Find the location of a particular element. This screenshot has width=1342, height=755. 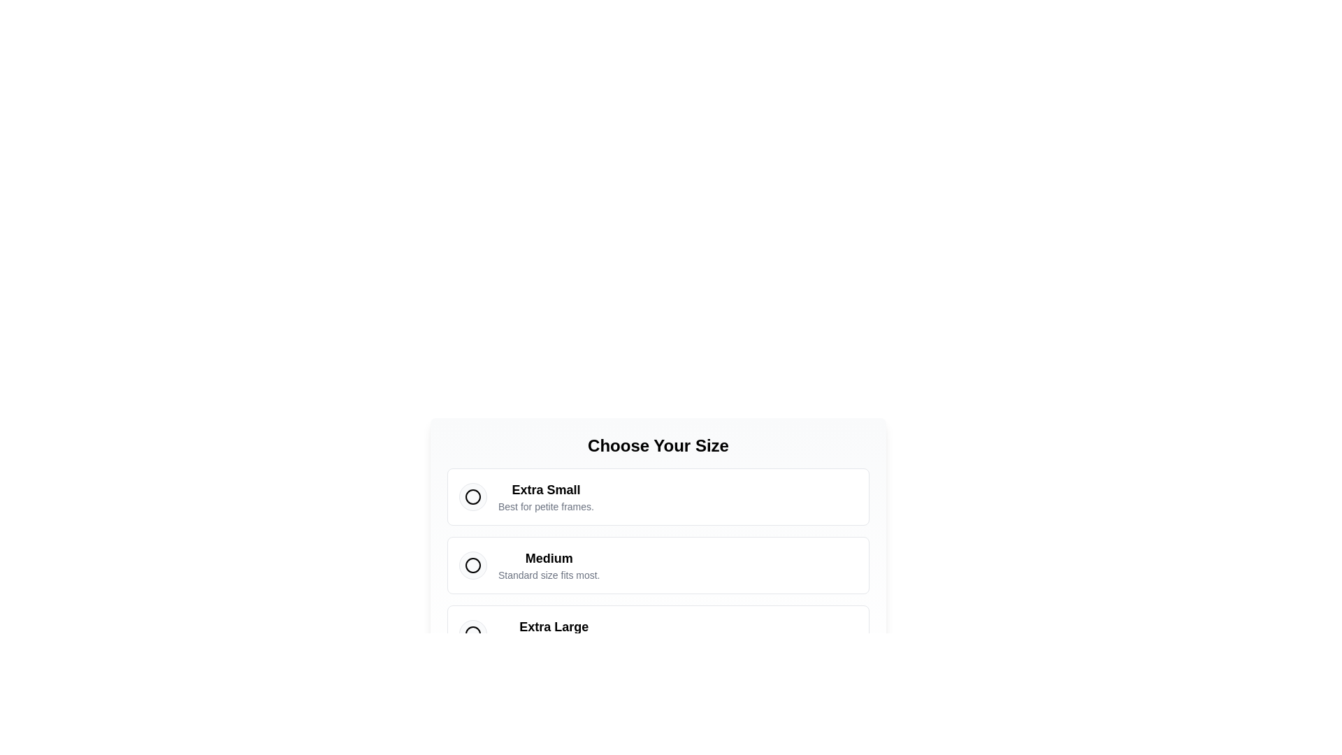

the inner circle of the SVG icon that is part of the selection mechanism adjacent to the 'Extra Large' label is located at coordinates (472, 633).